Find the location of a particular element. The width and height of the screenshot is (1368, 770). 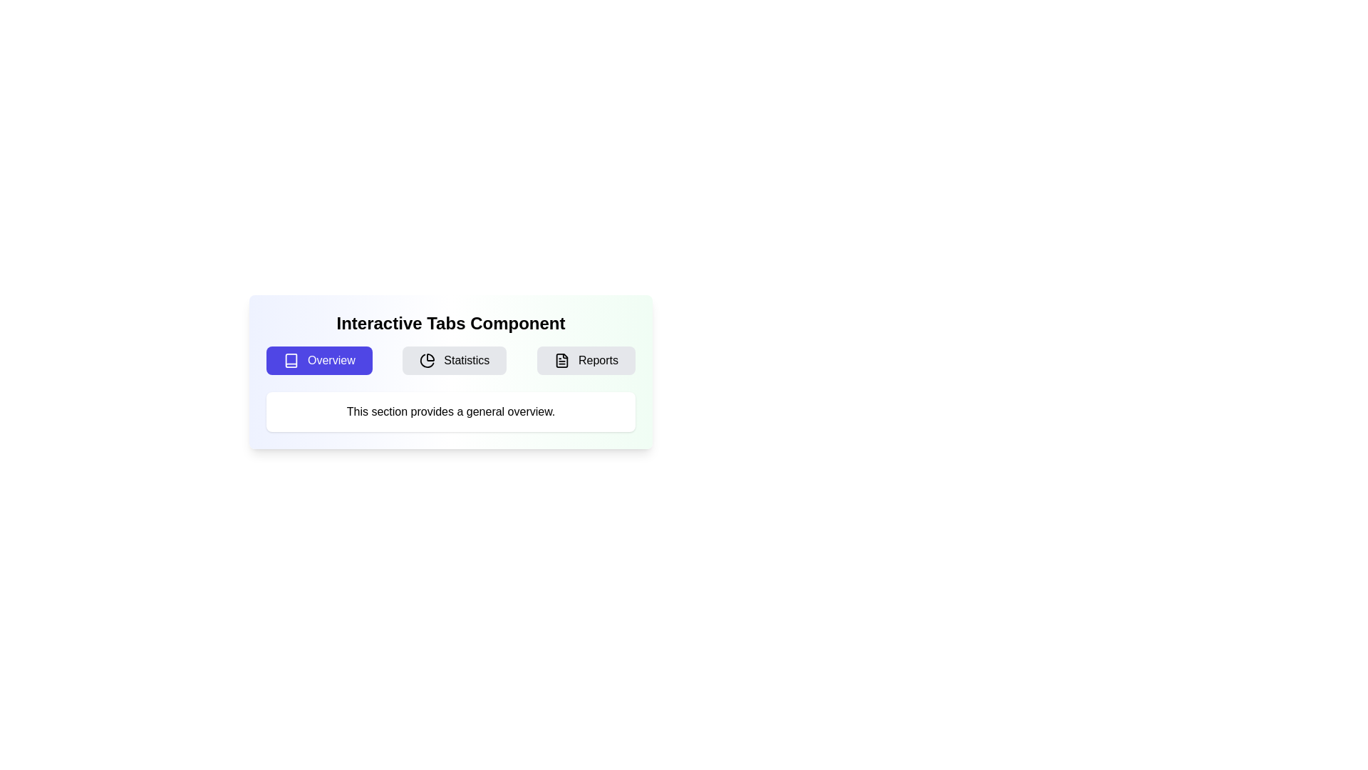

the document file icon represented in line art style with a folded corner, located within the 'Reports' tab is located at coordinates (561, 359).